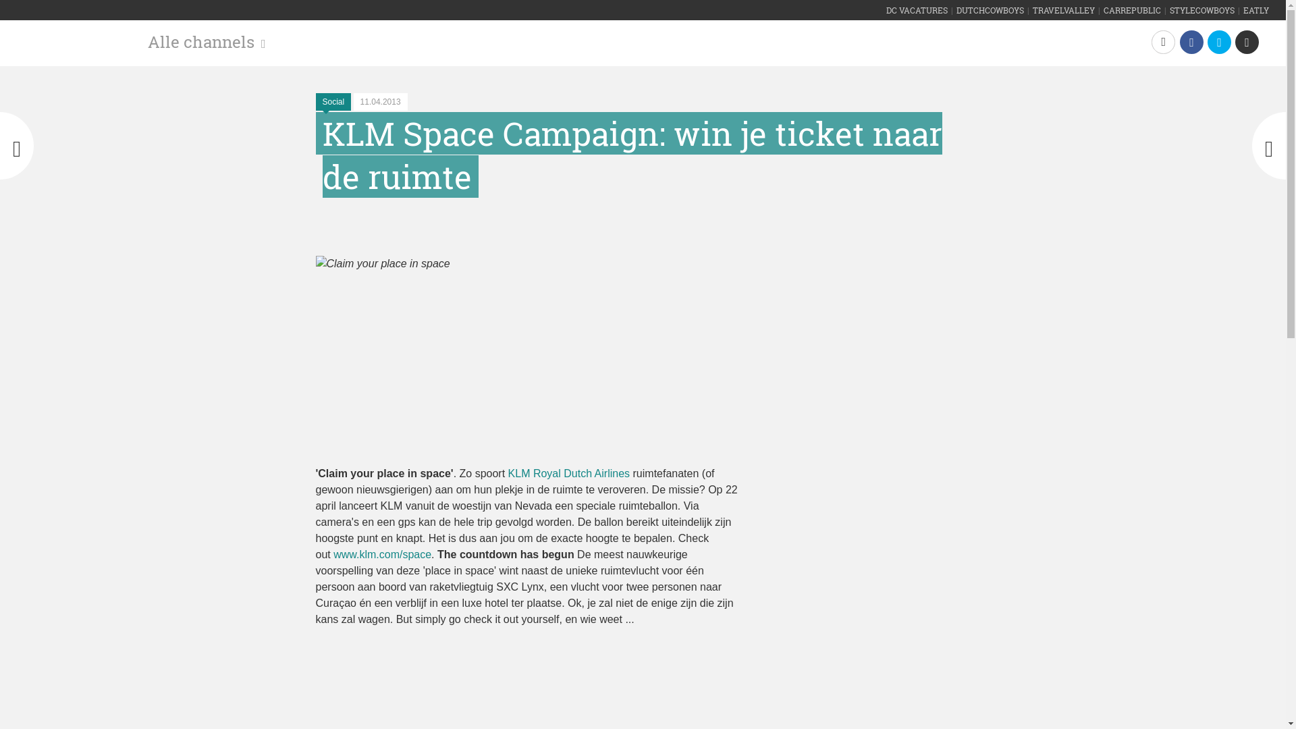 The width and height of the screenshot is (1296, 729). What do you see at coordinates (381, 554) in the screenshot?
I see `'www.klm.com/space'` at bounding box center [381, 554].